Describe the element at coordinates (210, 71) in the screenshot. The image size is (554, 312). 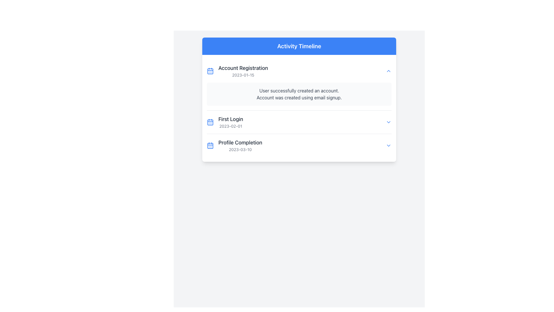
I see `the rounded rectangle element that forms the main background of the calendar icon, which is part of an SVG graphic in the top-left corner of the 'Activity Timeline'` at that location.